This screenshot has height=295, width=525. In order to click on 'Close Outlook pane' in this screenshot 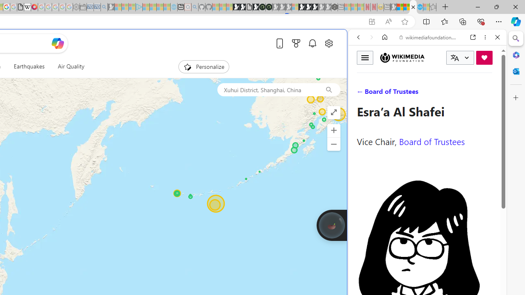, I will do `click(516, 71)`.